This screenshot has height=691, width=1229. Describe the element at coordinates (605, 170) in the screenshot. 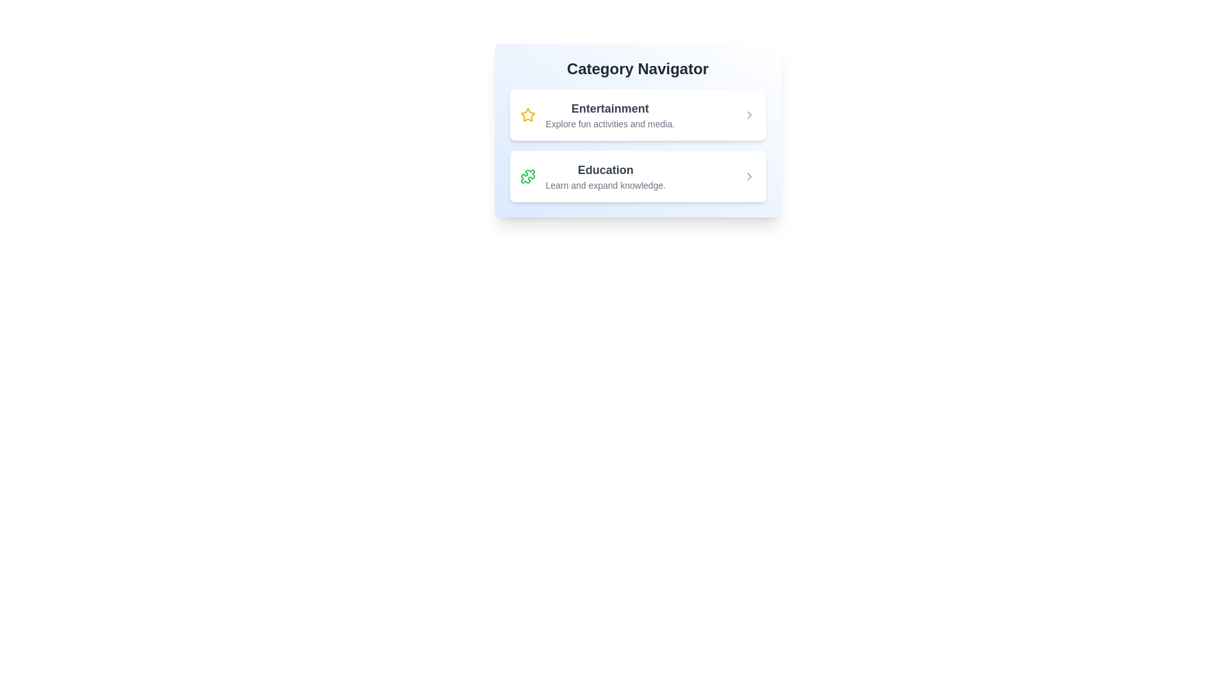

I see `the text label that reads 'Education', which is styled in bold and larger font size, located in the second section of a card-like component` at that location.